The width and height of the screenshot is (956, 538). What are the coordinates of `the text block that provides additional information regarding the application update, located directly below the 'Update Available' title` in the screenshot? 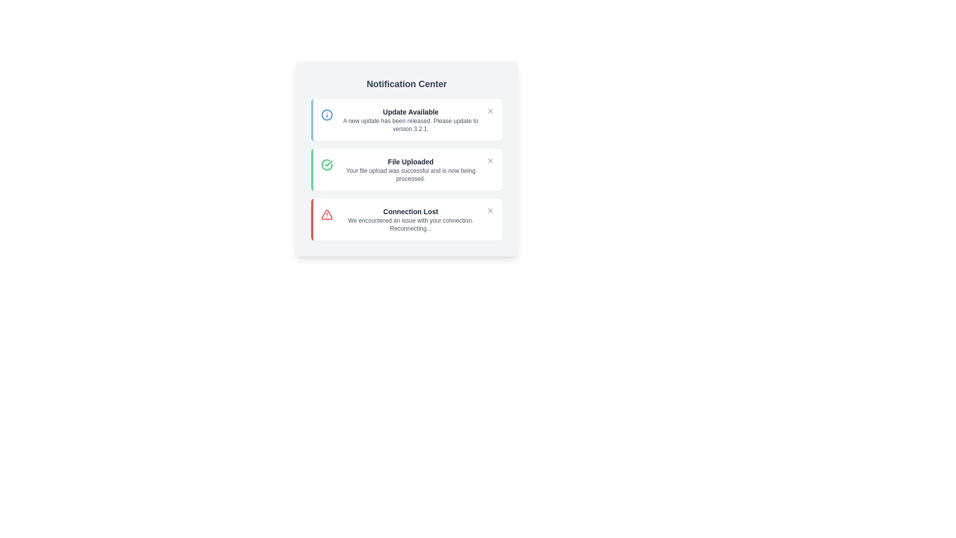 It's located at (411, 124).